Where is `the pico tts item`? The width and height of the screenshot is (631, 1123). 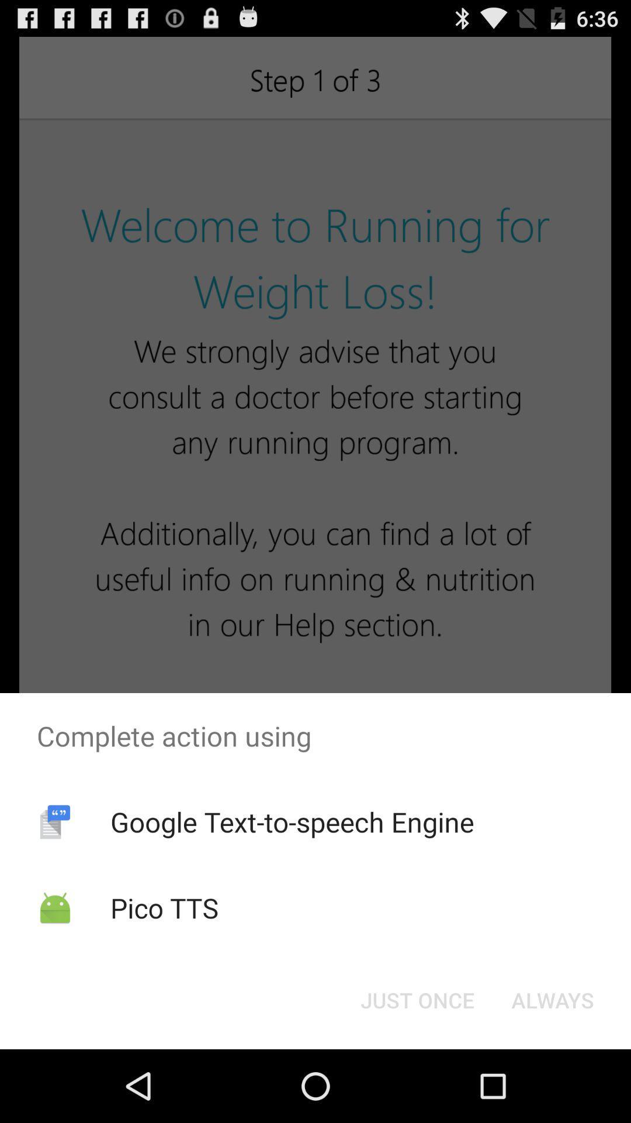
the pico tts item is located at coordinates (164, 907).